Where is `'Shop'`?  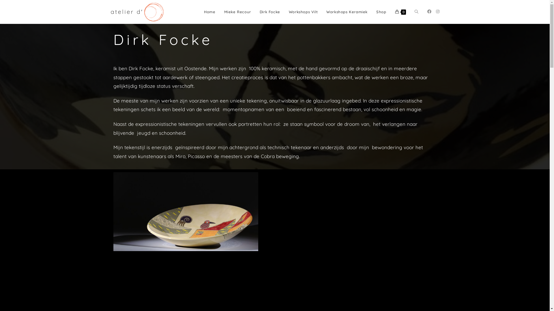 'Shop' is located at coordinates (381, 12).